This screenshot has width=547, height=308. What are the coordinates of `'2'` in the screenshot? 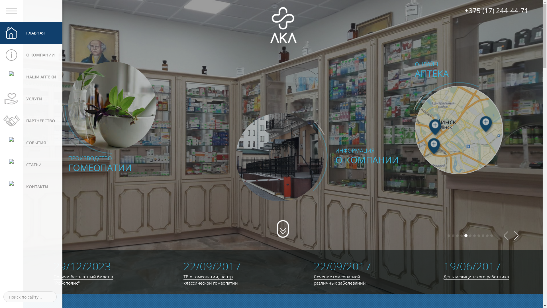 It's located at (452, 235).